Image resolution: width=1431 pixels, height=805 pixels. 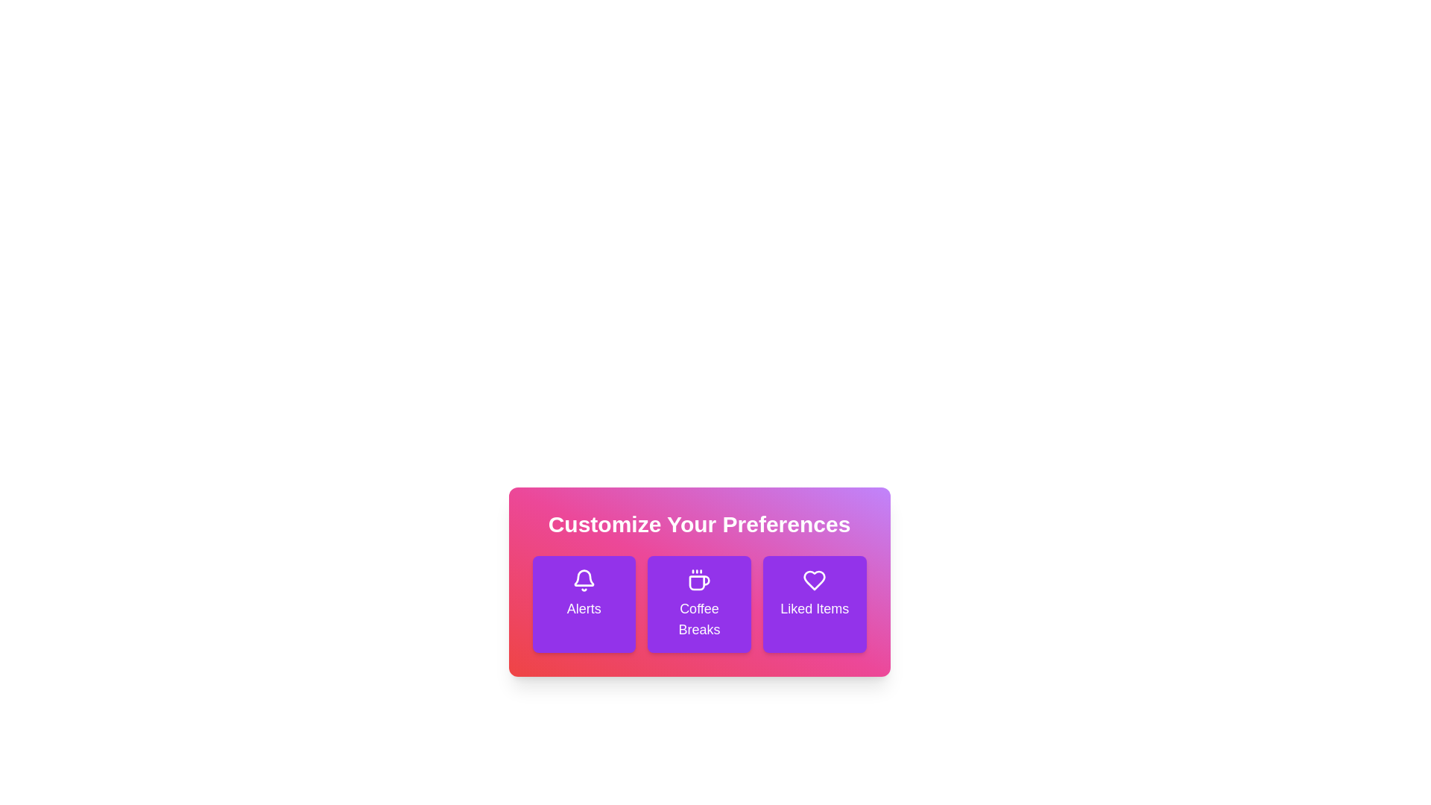 What do you see at coordinates (814, 580) in the screenshot?
I see `the heart-shaped icon with a thin outline, styled in white on a purple background, located at the center top of the 'Liked Items' tile to interact with the 'Liked Items' feature` at bounding box center [814, 580].